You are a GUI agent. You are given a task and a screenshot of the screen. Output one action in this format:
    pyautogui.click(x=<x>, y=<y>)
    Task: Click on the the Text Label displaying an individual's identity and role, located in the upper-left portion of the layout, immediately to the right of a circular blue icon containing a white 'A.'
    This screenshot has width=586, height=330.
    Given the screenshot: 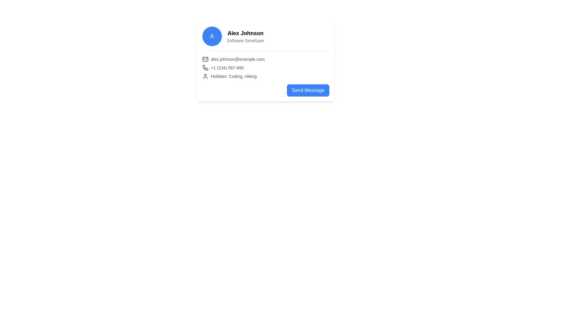 What is the action you would take?
    pyautogui.click(x=245, y=36)
    